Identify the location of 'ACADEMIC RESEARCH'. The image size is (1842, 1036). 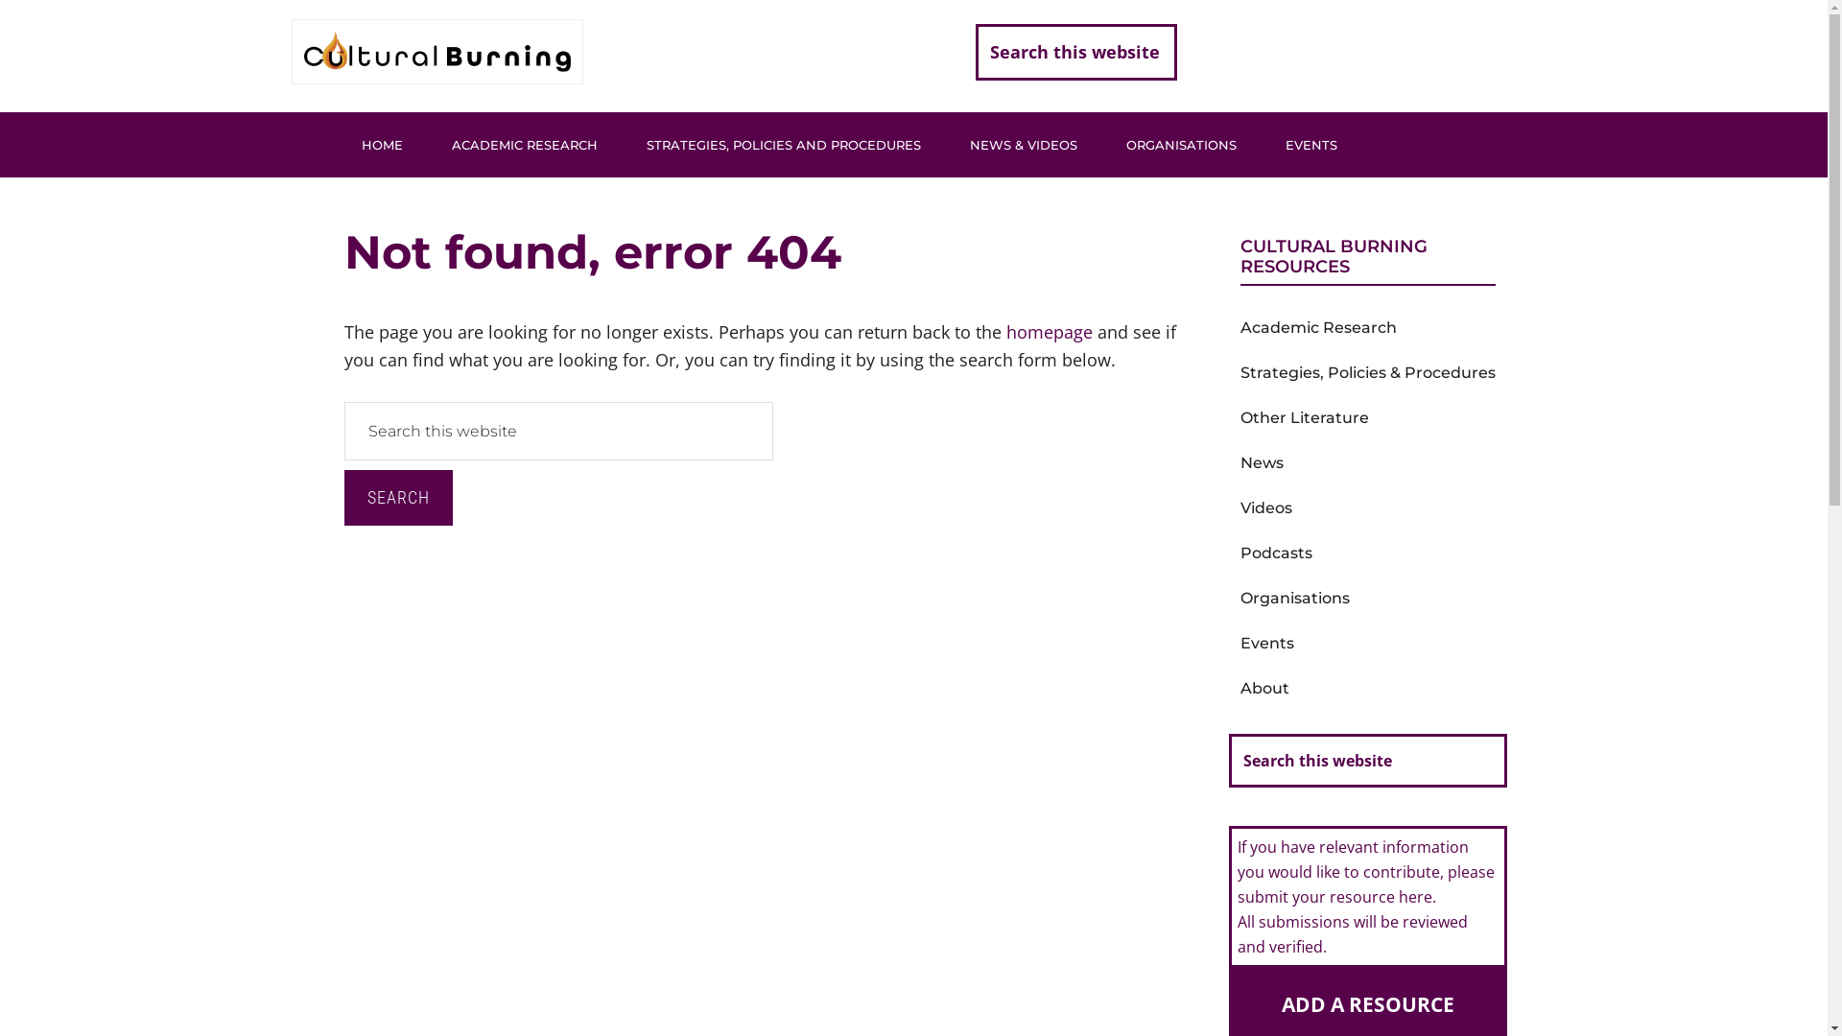
(450, 138).